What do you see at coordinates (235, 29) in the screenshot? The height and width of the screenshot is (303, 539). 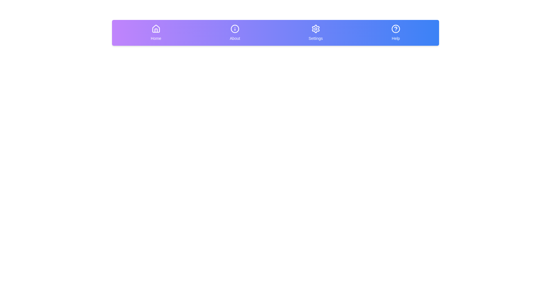 I see `the circular shape that is part of the information icon in the navigation bar above the 'About' label` at bounding box center [235, 29].